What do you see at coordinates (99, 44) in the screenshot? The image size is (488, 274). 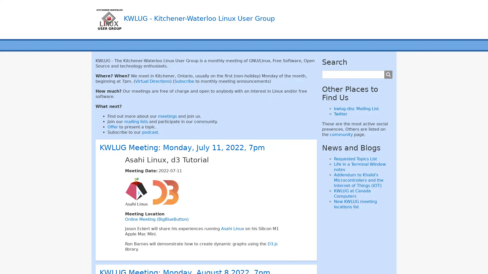 I see `Main menu` at bounding box center [99, 44].